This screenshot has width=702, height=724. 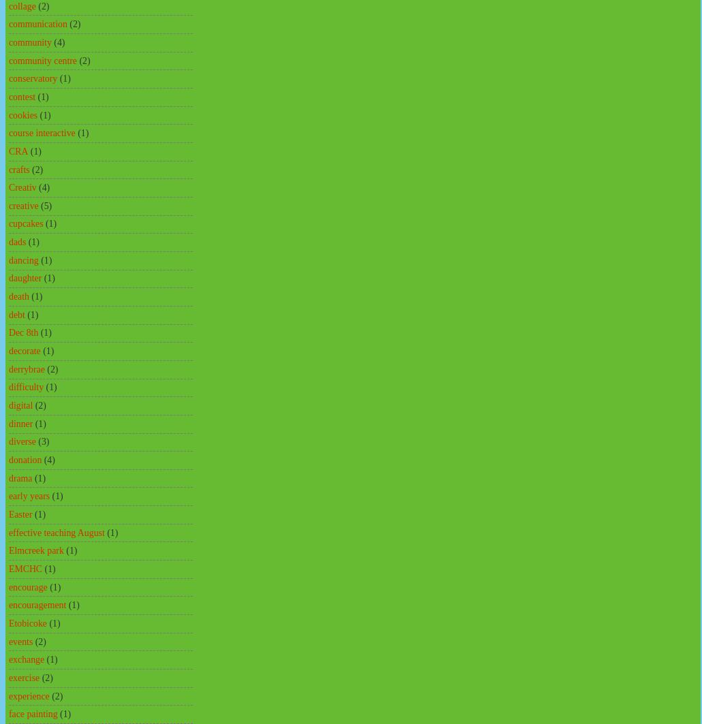 What do you see at coordinates (25, 459) in the screenshot?
I see `'donation'` at bounding box center [25, 459].